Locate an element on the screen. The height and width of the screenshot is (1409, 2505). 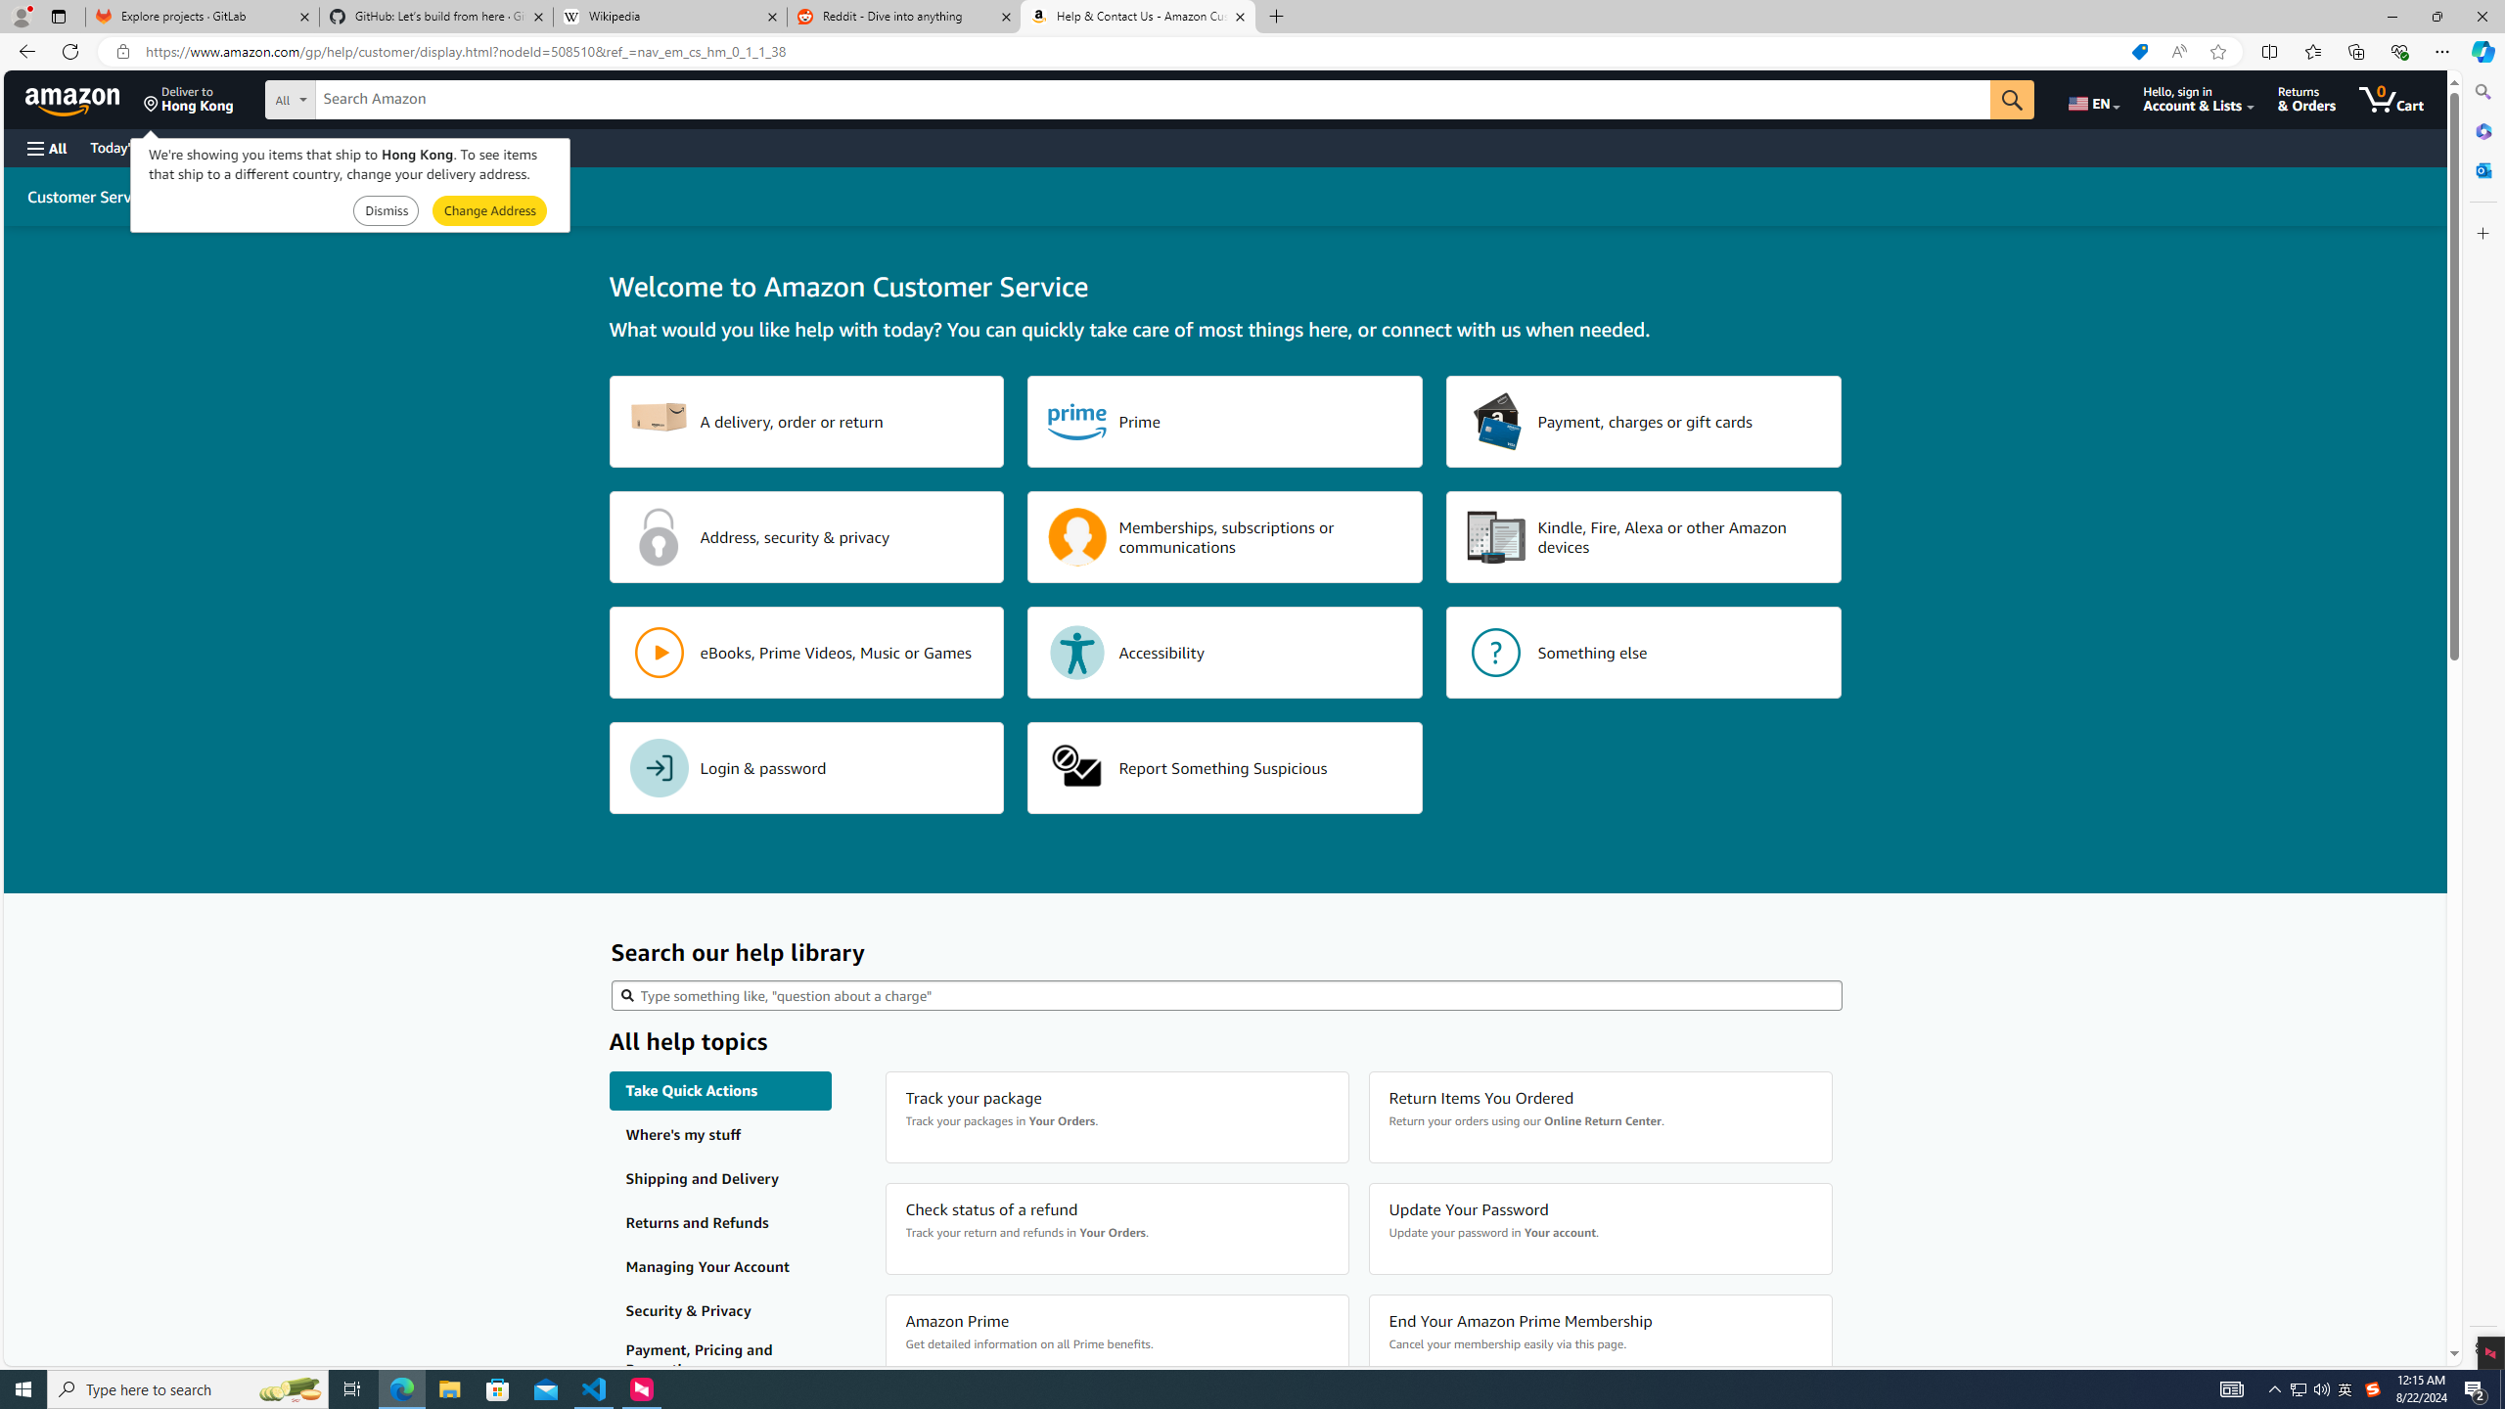
'Side bar' is located at coordinates (2482, 719).